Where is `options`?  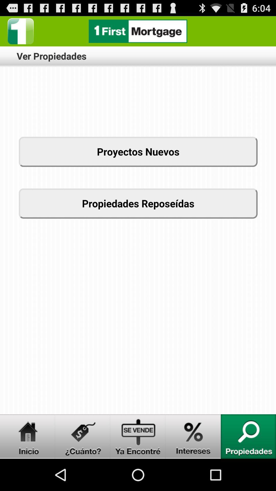
options is located at coordinates (20, 31).